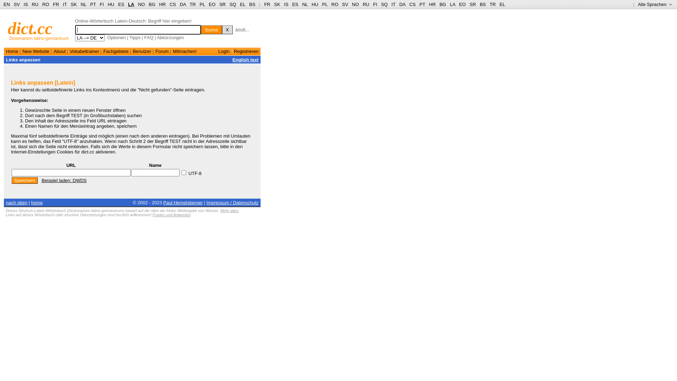 The width and height of the screenshot is (677, 381). Describe the element at coordinates (222, 4) in the screenshot. I see `'SR'` at that location.